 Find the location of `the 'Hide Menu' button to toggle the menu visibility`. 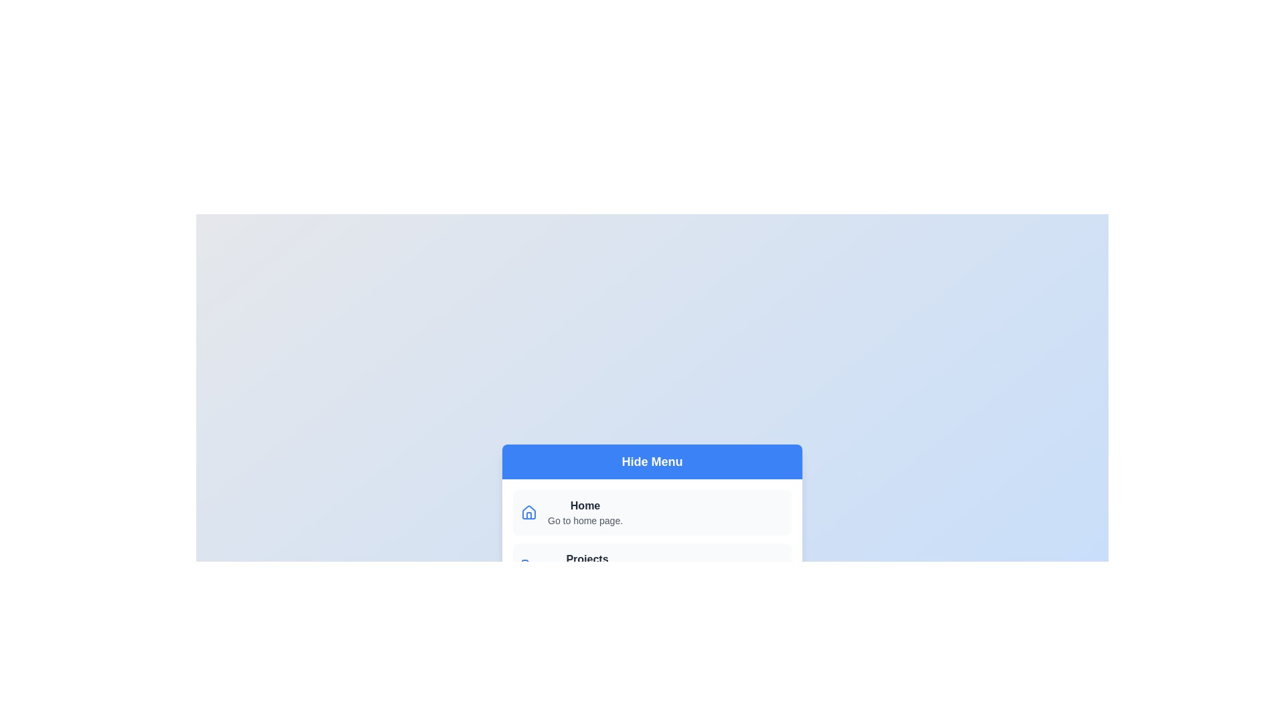

the 'Hide Menu' button to toggle the menu visibility is located at coordinates (652, 461).